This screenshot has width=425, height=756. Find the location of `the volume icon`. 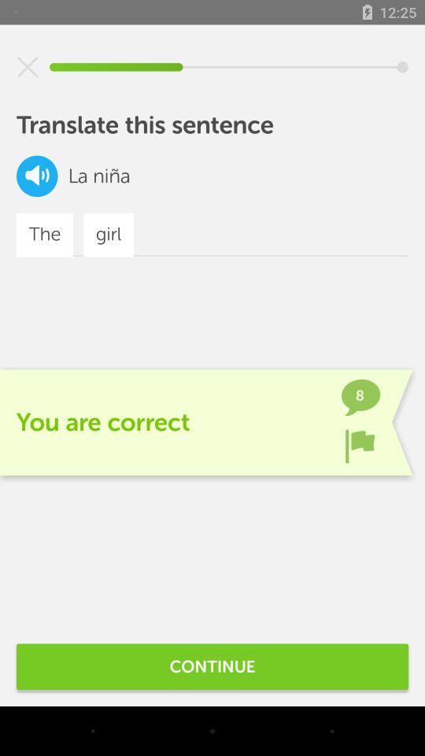

the volume icon is located at coordinates (37, 176).